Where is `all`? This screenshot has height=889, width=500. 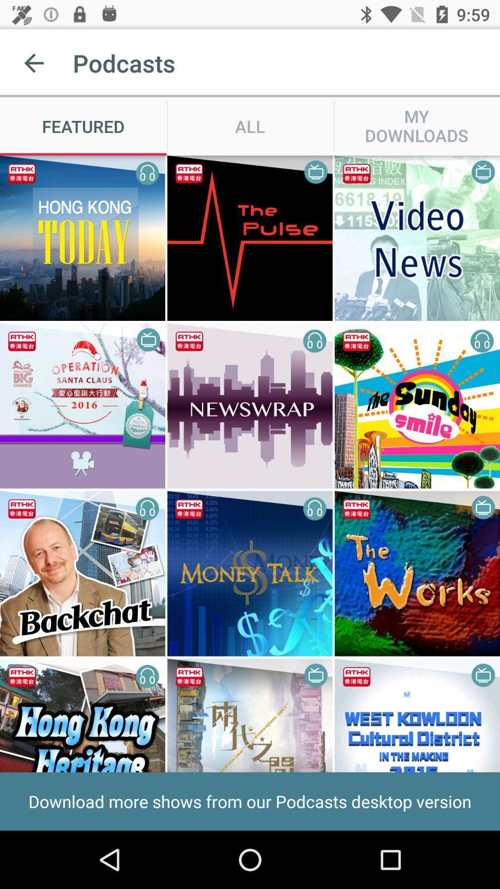 all is located at coordinates (250, 126).